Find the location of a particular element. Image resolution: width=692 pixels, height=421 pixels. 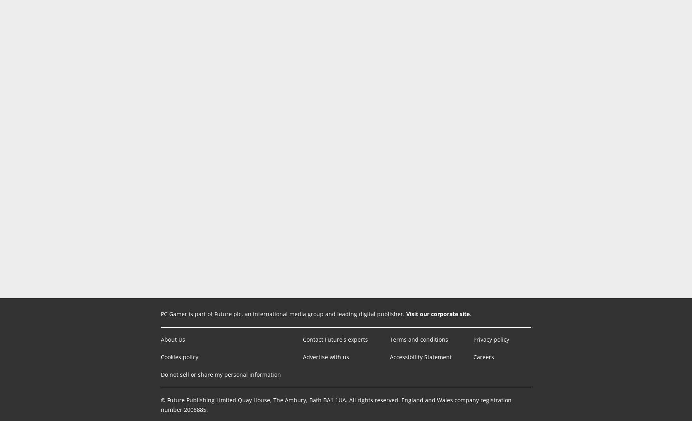

'Terms and conditions' is located at coordinates (419, 339).